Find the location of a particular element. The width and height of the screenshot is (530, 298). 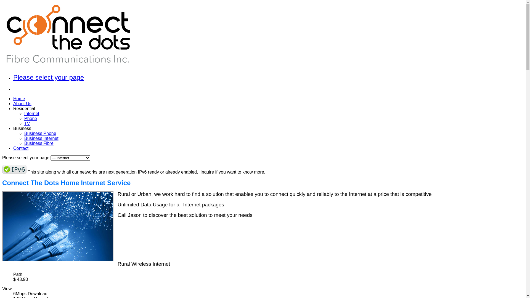

'Business' is located at coordinates (13, 128).